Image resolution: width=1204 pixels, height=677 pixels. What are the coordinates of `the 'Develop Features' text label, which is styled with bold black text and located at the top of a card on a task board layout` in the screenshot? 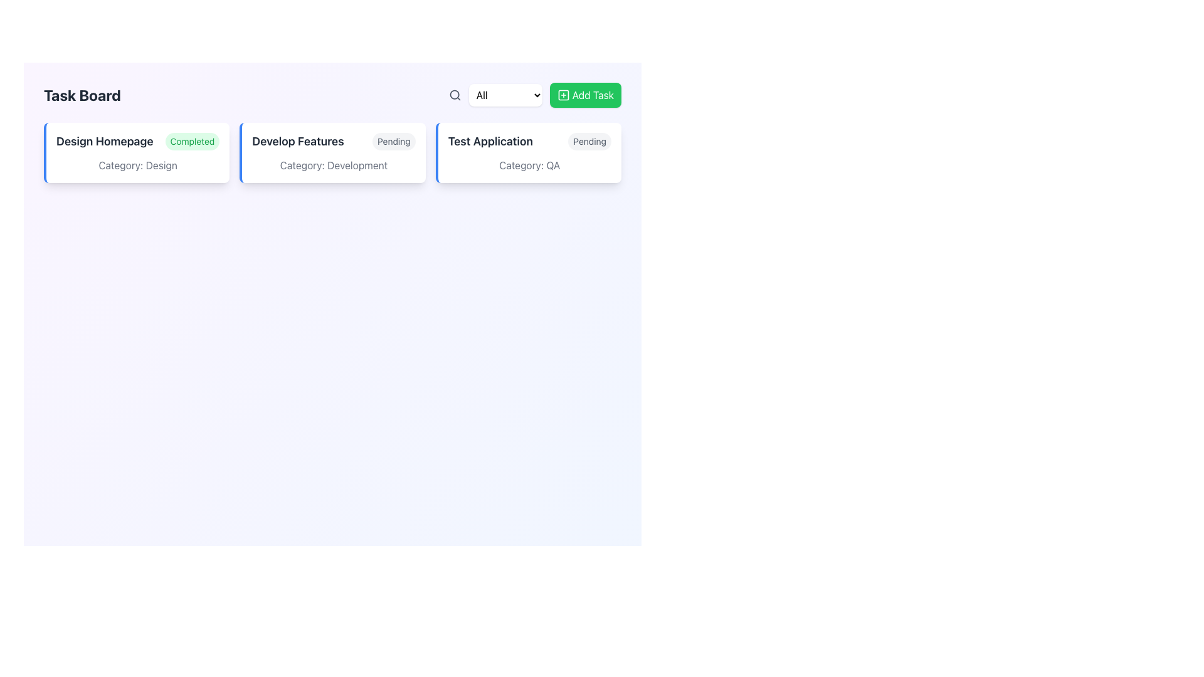 It's located at (297, 141).